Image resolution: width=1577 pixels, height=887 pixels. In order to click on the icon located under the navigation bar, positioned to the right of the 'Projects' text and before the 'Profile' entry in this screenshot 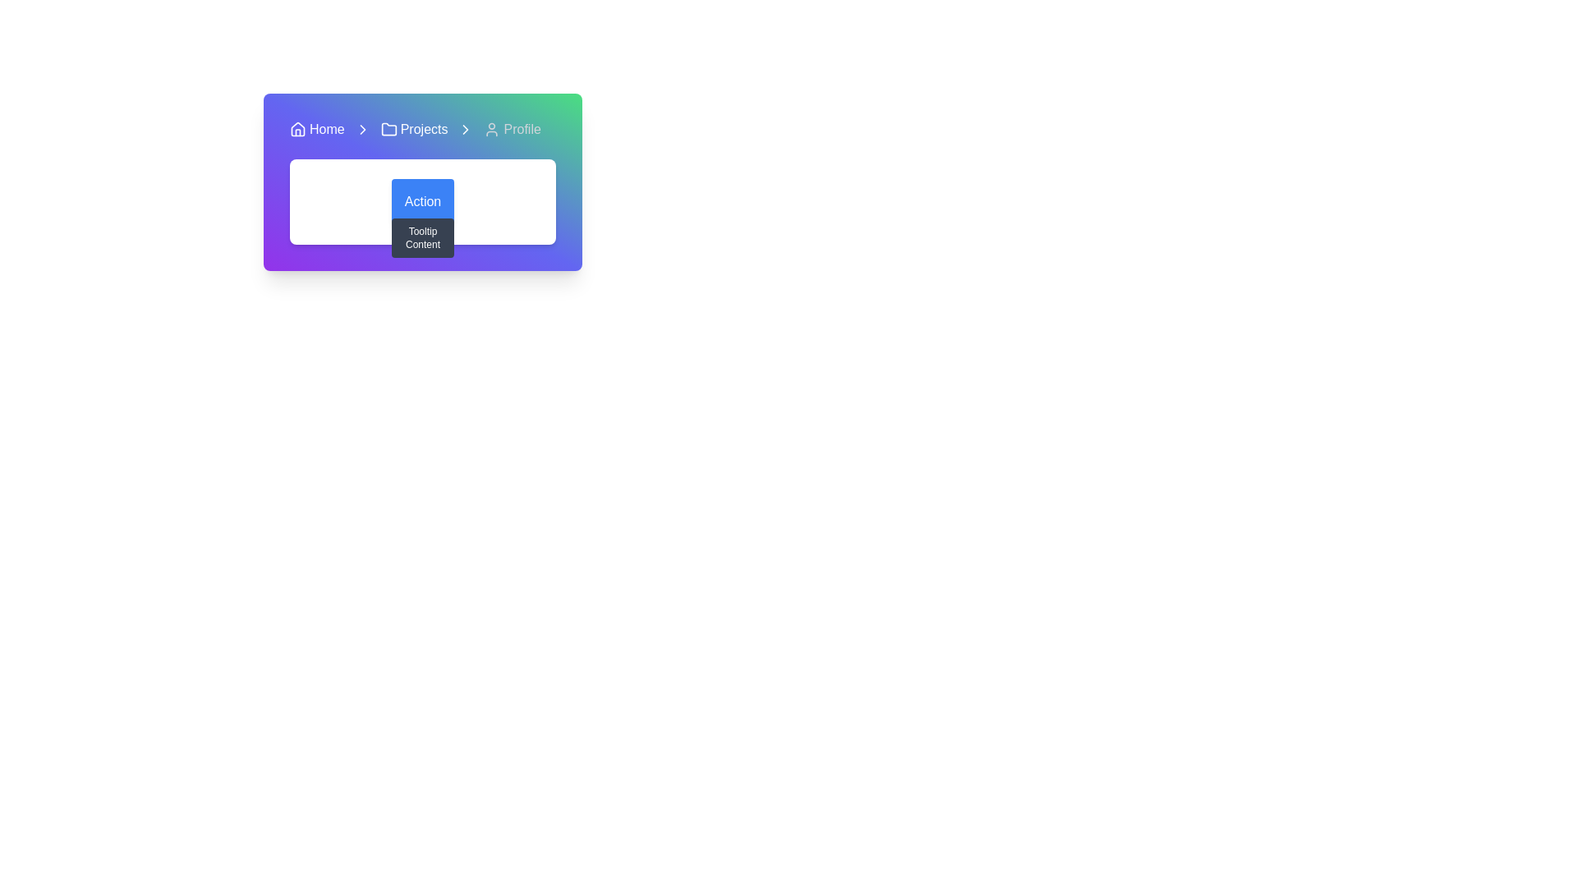, I will do `click(465, 129)`.